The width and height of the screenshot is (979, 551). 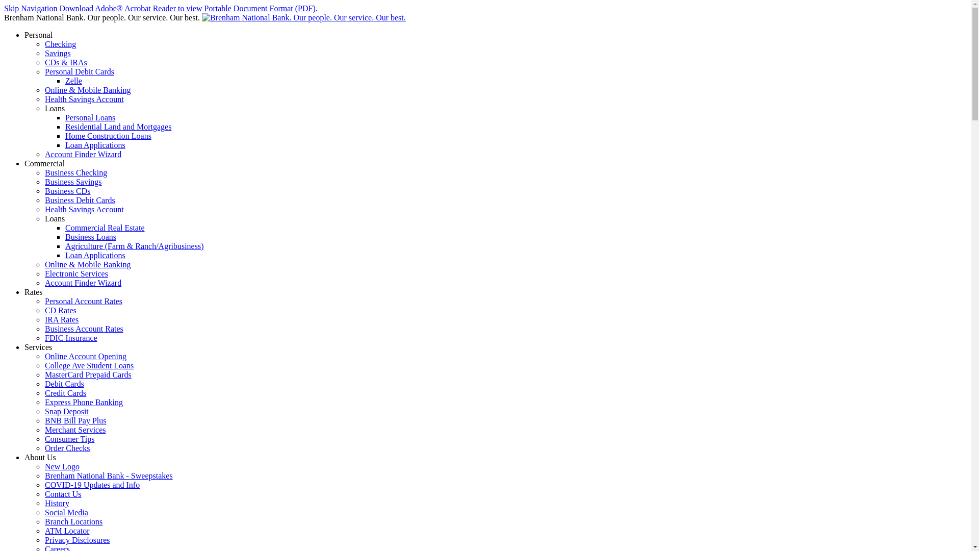 I want to click on 'Business Checking', so click(x=75, y=172).